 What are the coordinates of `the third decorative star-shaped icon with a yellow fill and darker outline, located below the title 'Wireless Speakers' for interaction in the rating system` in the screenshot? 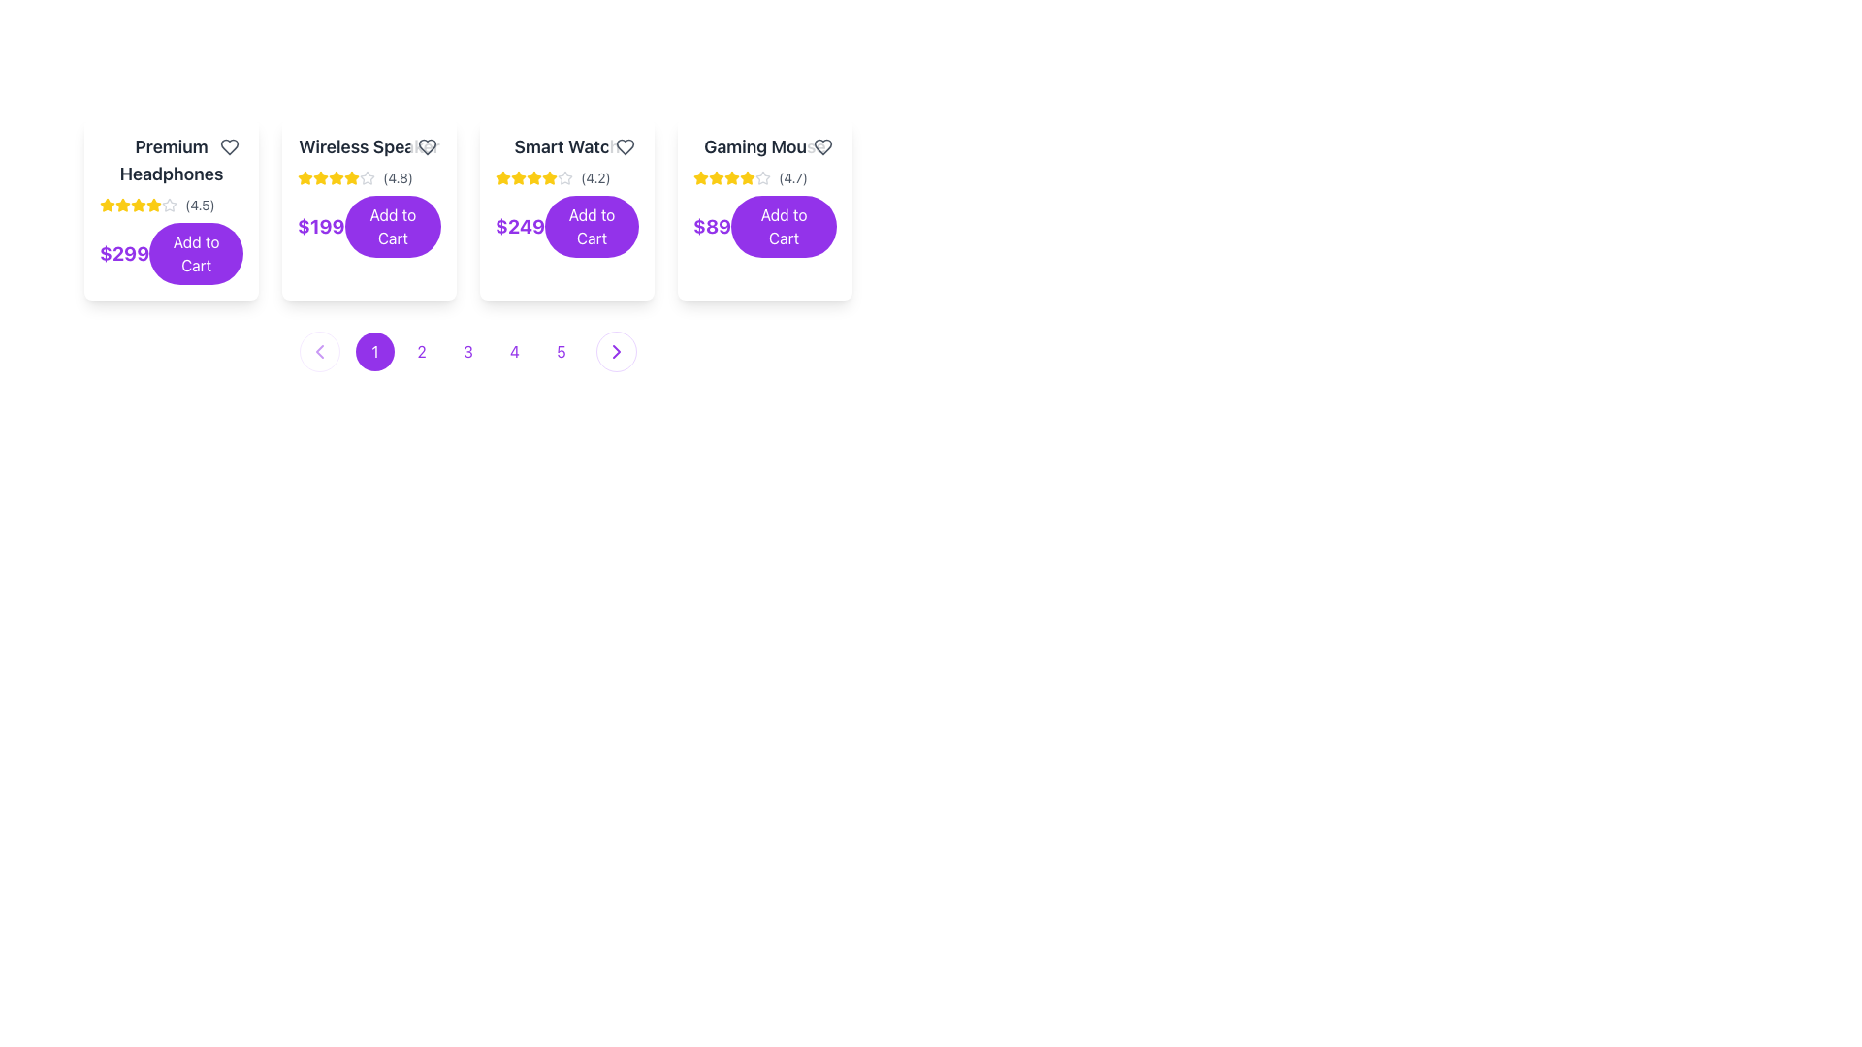 It's located at (305, 177).